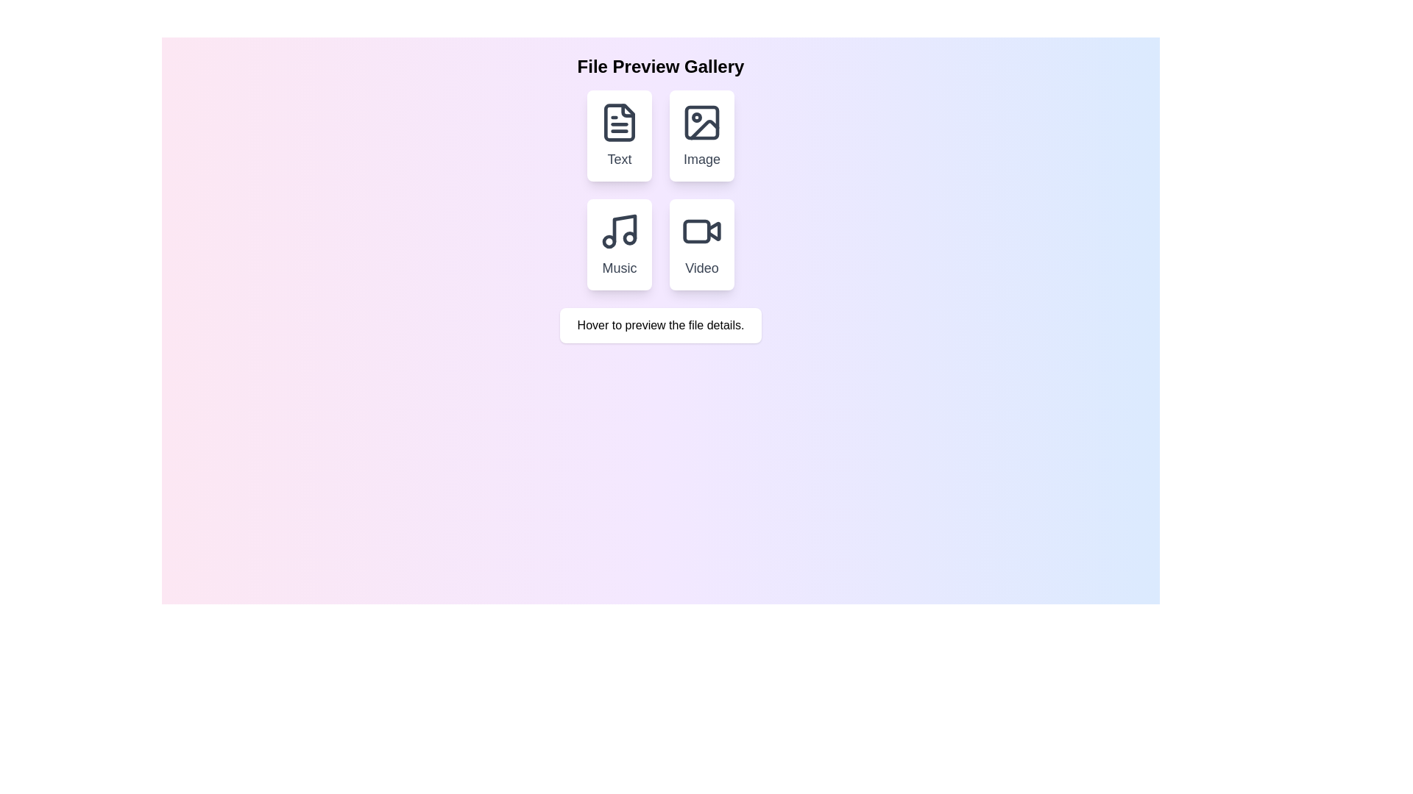 The height and width of the screenshot is (794, 1413). Describe the element at coordinates (619, 121) in the screenshot. I see `the document icon with lines indicating text, which is the top-left icon in the 'File Preview Gallery' under the card labeled 'Text'` at that location.